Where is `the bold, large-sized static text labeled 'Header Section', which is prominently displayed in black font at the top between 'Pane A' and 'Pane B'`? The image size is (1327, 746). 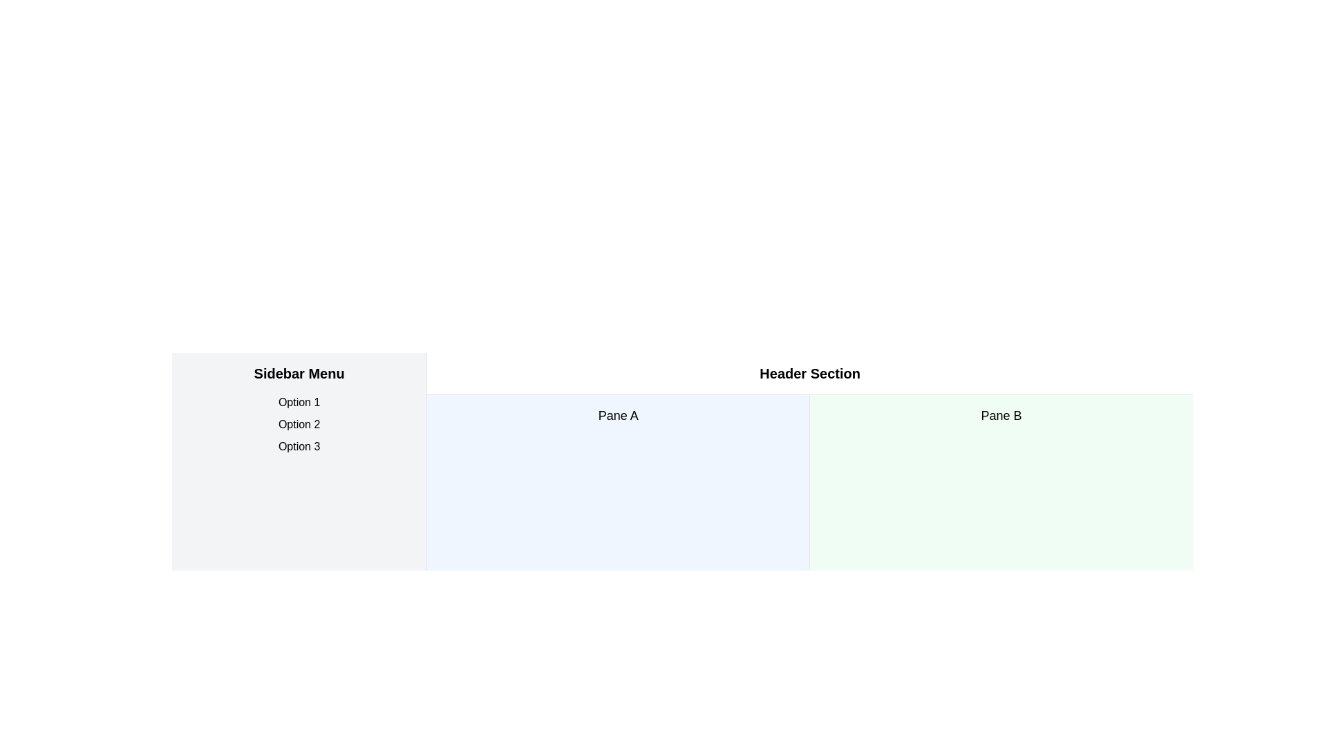 the bold, large-sized static text labeled 'Header Section', which is prominently displayed in black font at the top between 'Pane A' and 'Pane B' is located at coordinates (810, 373).